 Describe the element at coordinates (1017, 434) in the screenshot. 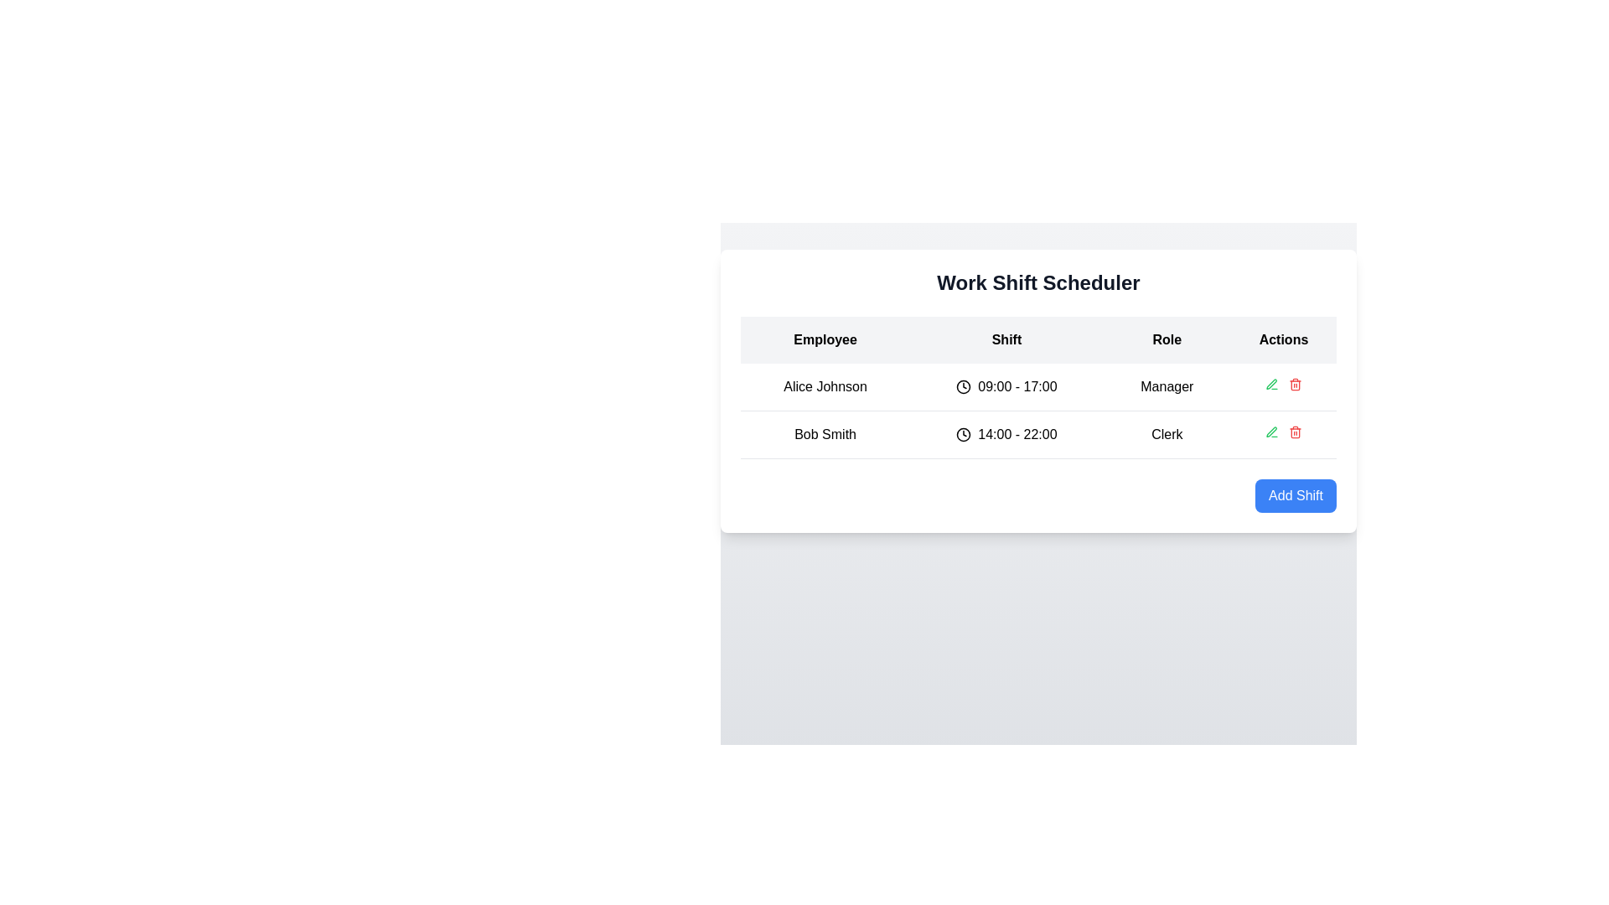

I see `text content of the time range display for employee 'Bob Smith' in the second row of the table under the 'Shift' column` at that location.